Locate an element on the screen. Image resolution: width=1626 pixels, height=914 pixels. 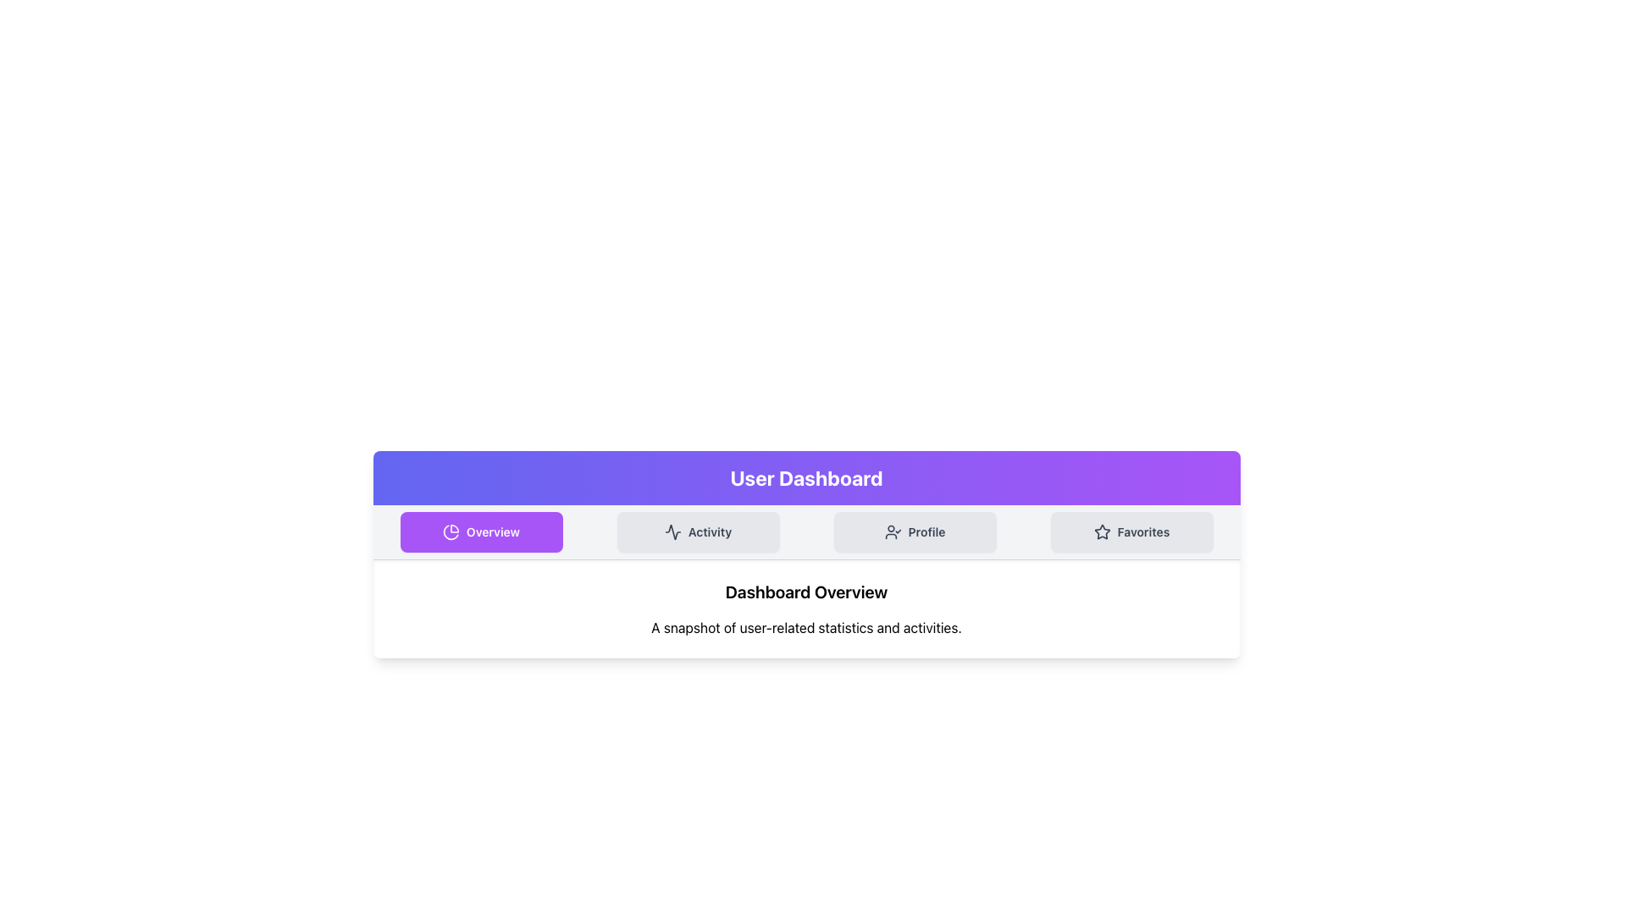
the circular pie chart icon located inside the 'Overview' button, which is to the left of the 'Overview' text label within the navigation buttons under the 'User Dashboard' header is located at coordinates (451, 531).